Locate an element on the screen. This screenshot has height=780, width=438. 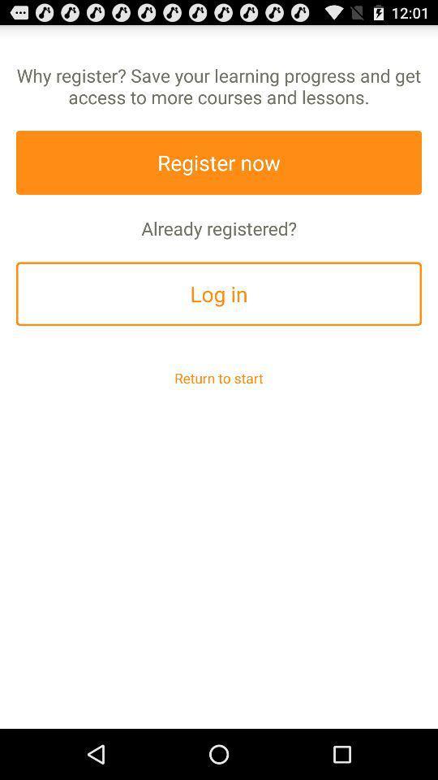
log in item is located at coordinates (219, 292).